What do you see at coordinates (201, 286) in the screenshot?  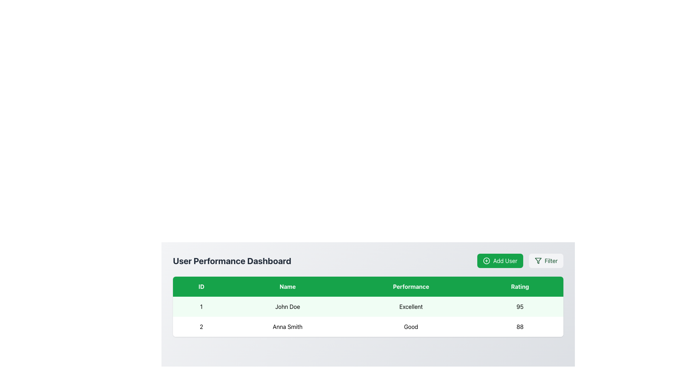 I see `the Table header cell with a green background and the text 'ID', which is the first cell in the header row of the table` at bounding box center [201, 286].